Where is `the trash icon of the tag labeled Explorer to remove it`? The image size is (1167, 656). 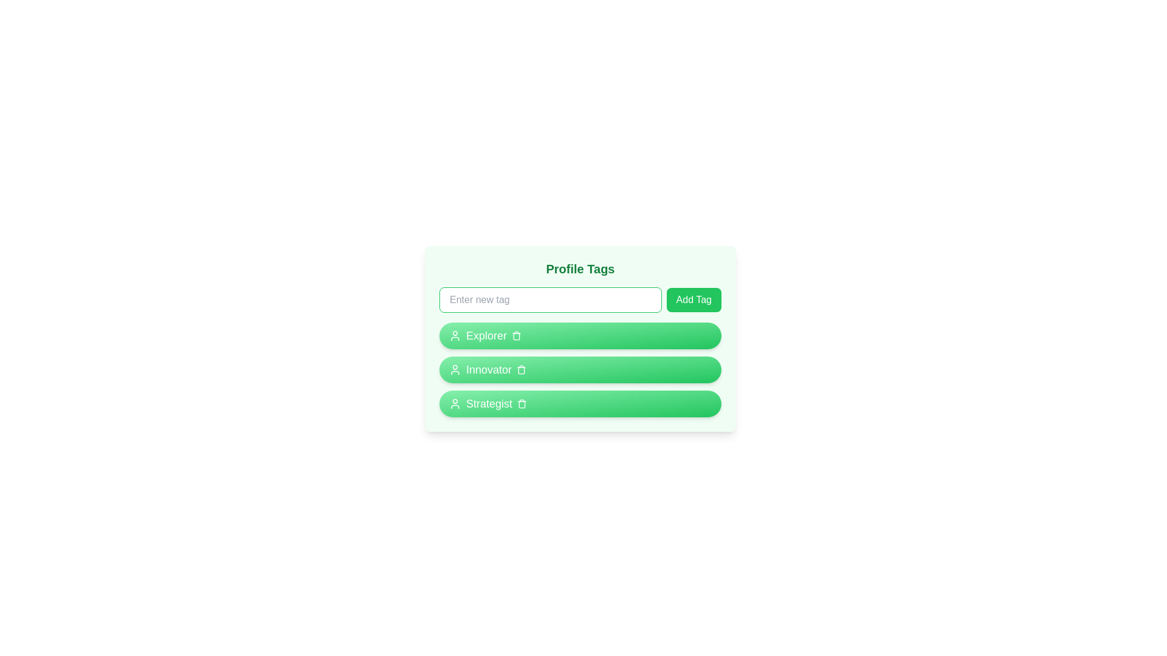
the trash icon of the tag labeled Explorer to remove it is located at coordinates (516, 335).